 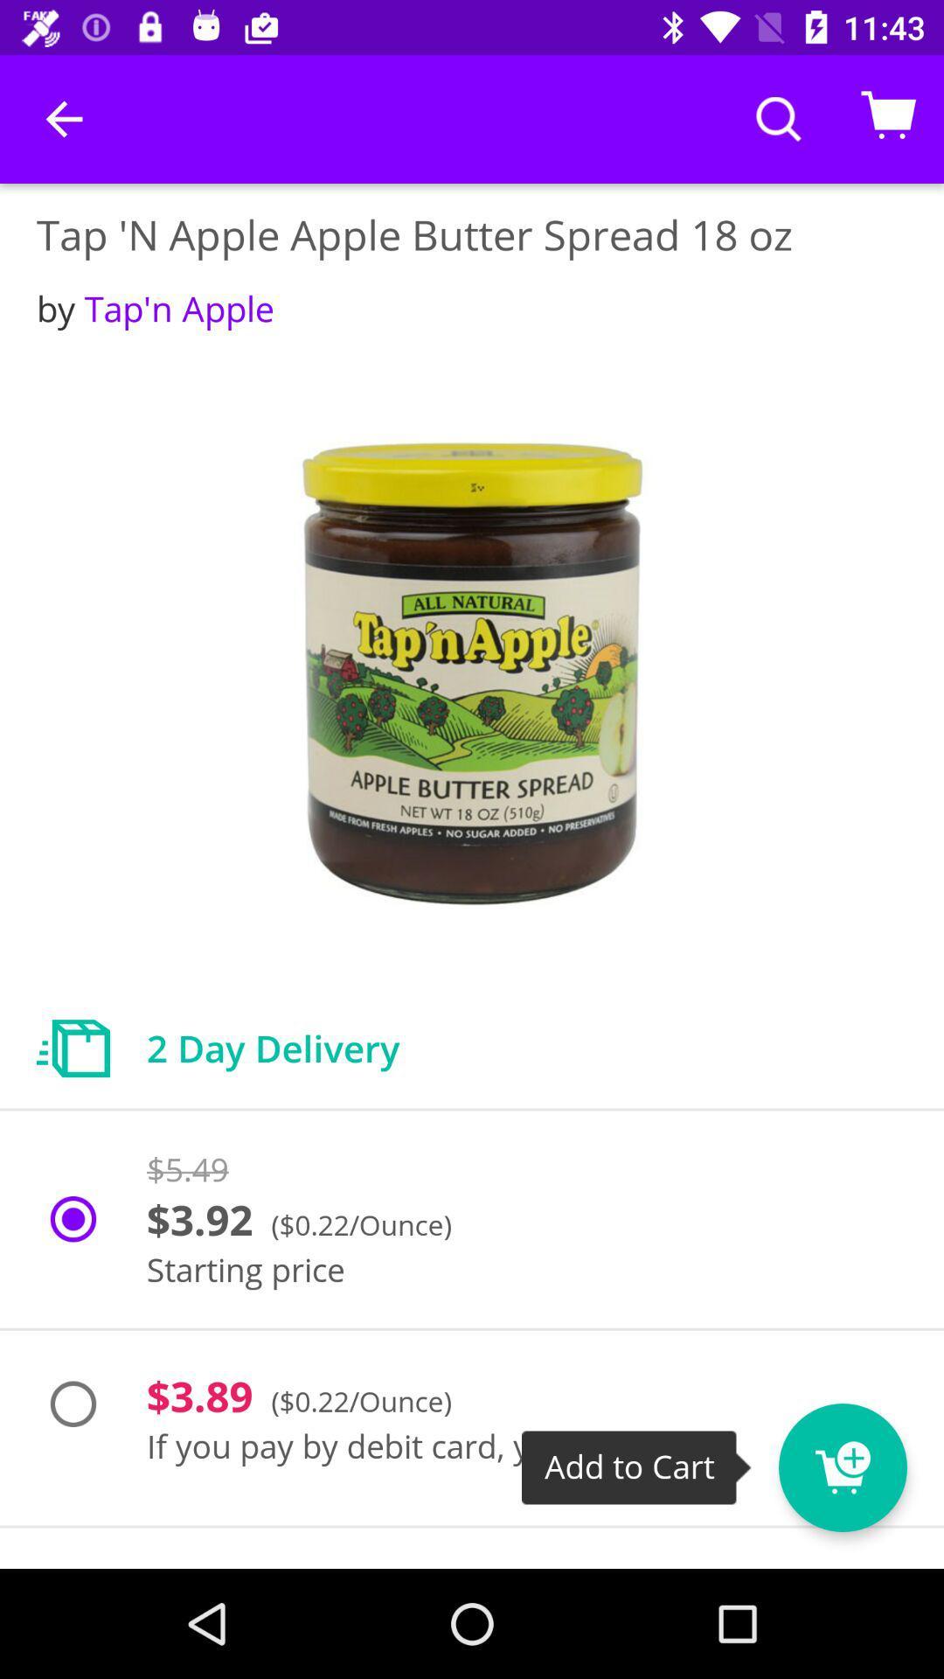 What do you see at coordinates (155, 308) in the screenshot?
I see `by tap n icon` at bounding box center [155, 308].